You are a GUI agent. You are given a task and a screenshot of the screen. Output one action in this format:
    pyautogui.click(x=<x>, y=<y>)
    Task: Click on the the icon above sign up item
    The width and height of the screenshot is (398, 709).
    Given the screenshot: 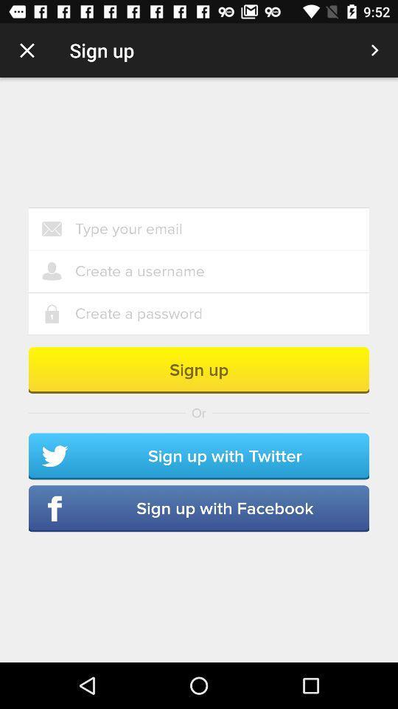 What is the action you would take?
    pyautogui.click(x=221, y=314)
    